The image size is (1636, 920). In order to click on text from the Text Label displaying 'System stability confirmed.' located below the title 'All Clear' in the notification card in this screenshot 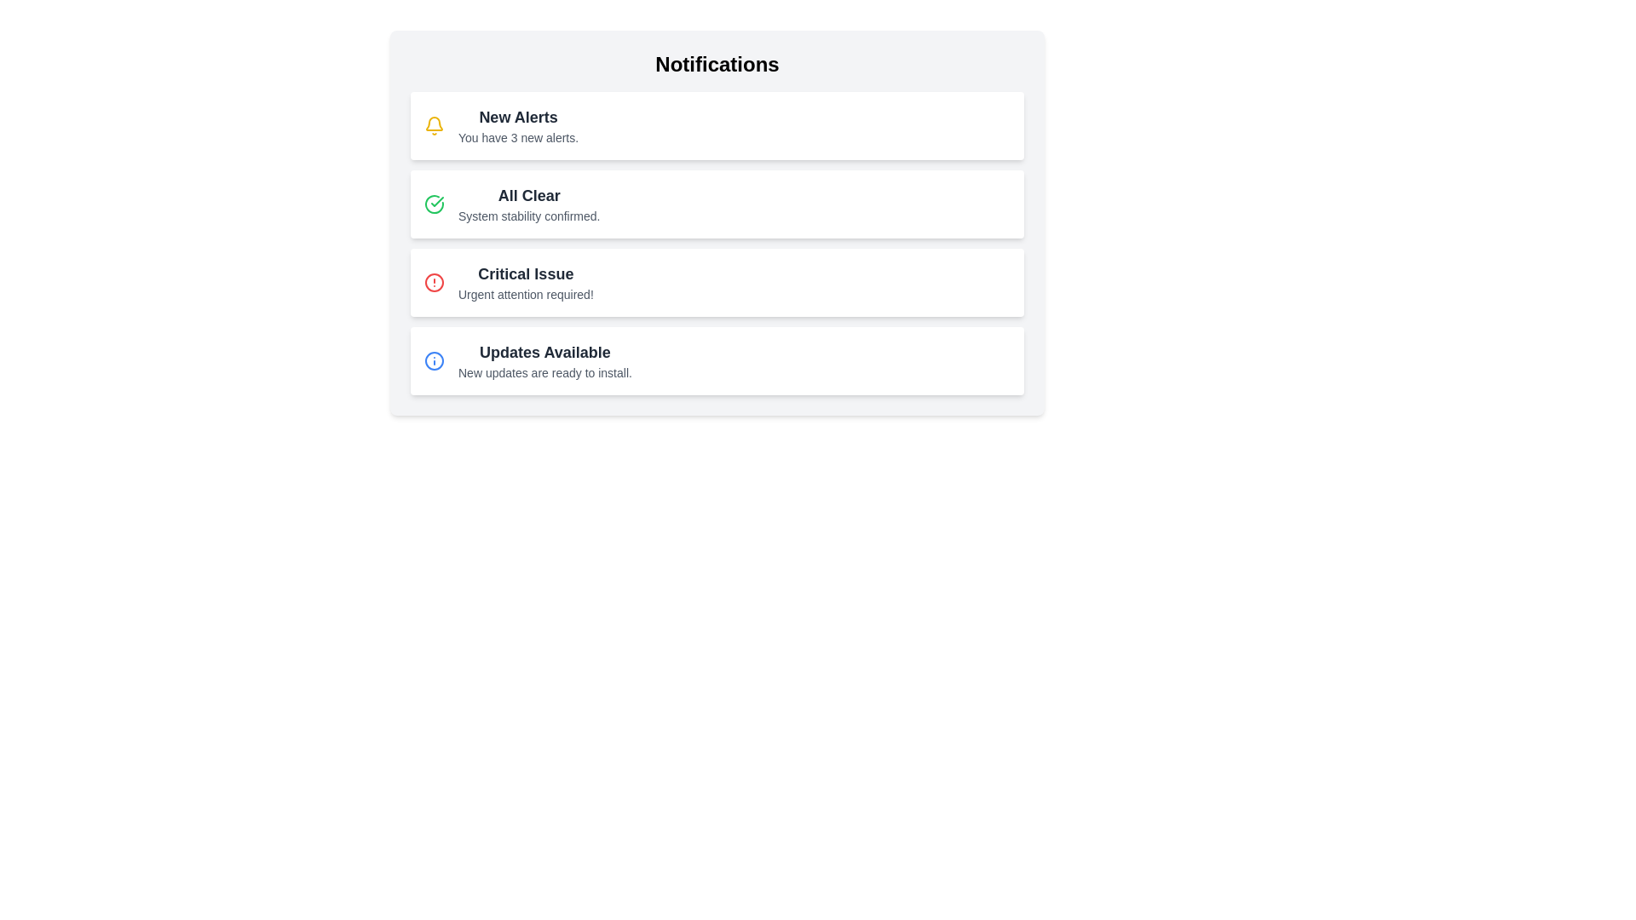, I will do `click(528, 216)`.